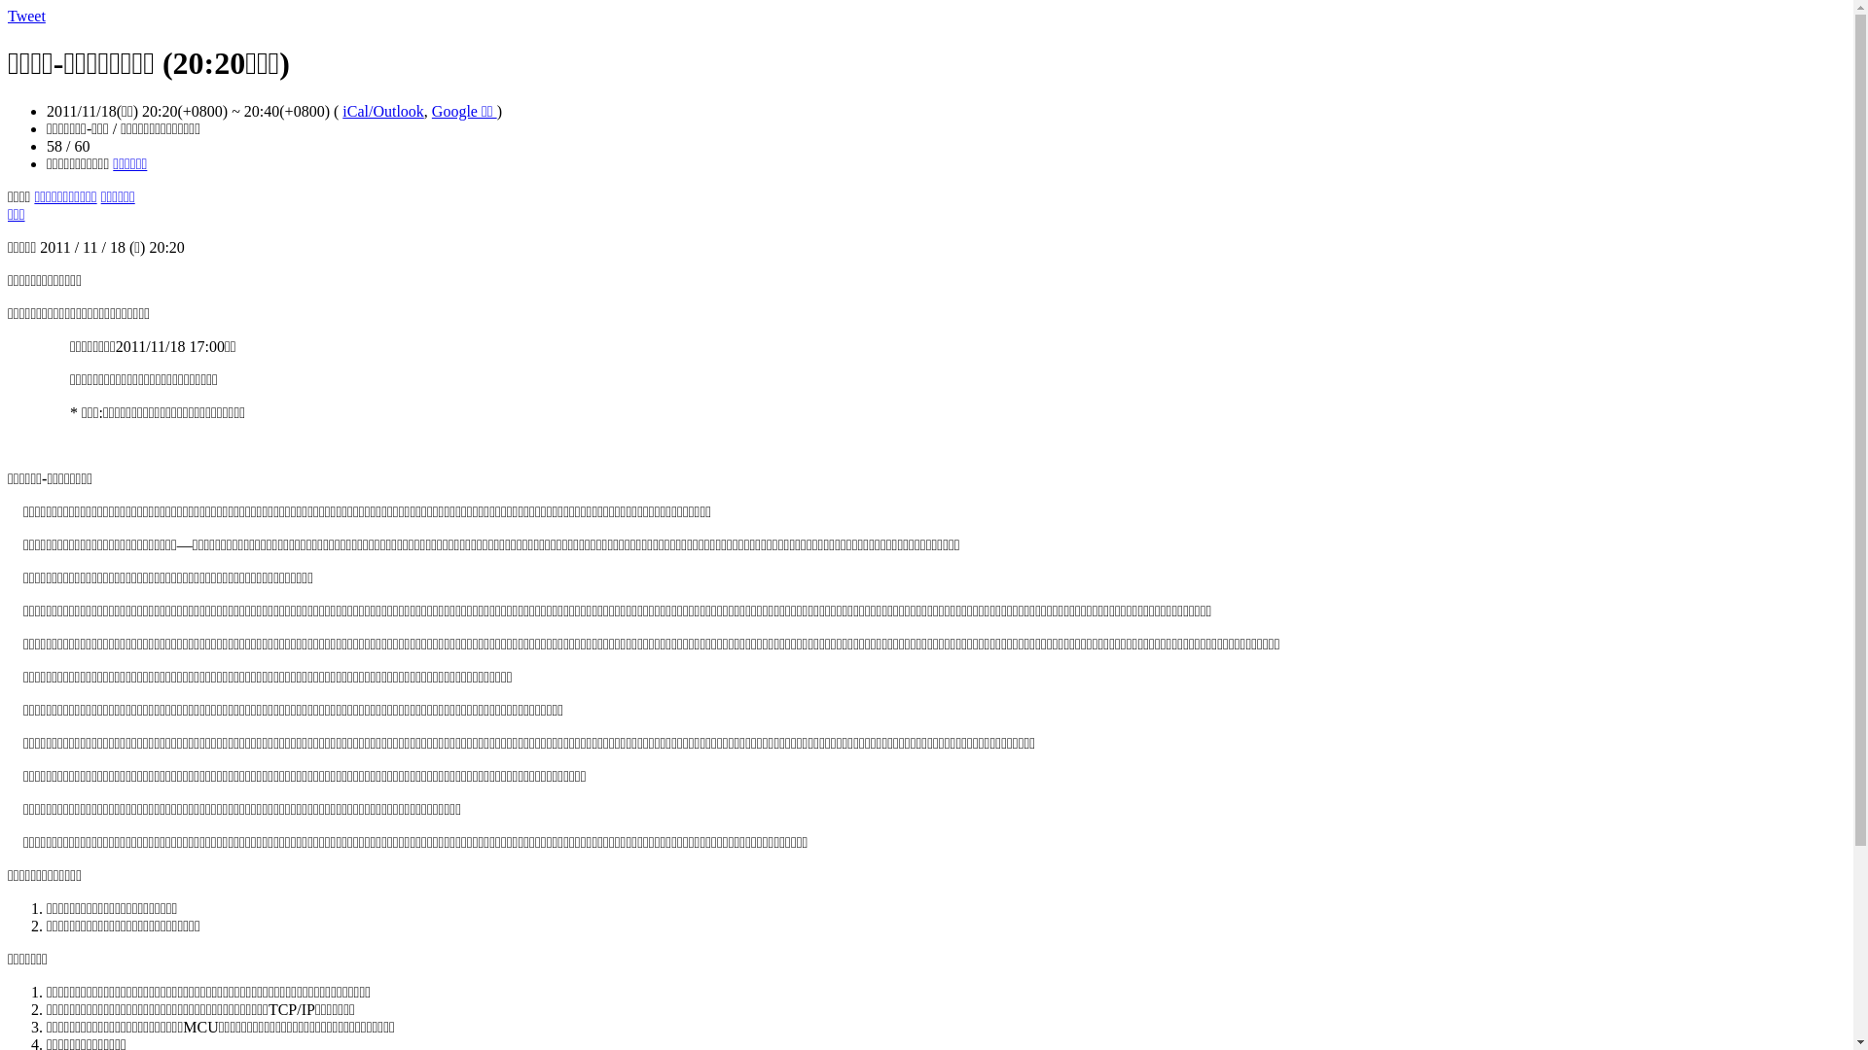  I want to click on 'iCal/Outlook', so click(382, 111).